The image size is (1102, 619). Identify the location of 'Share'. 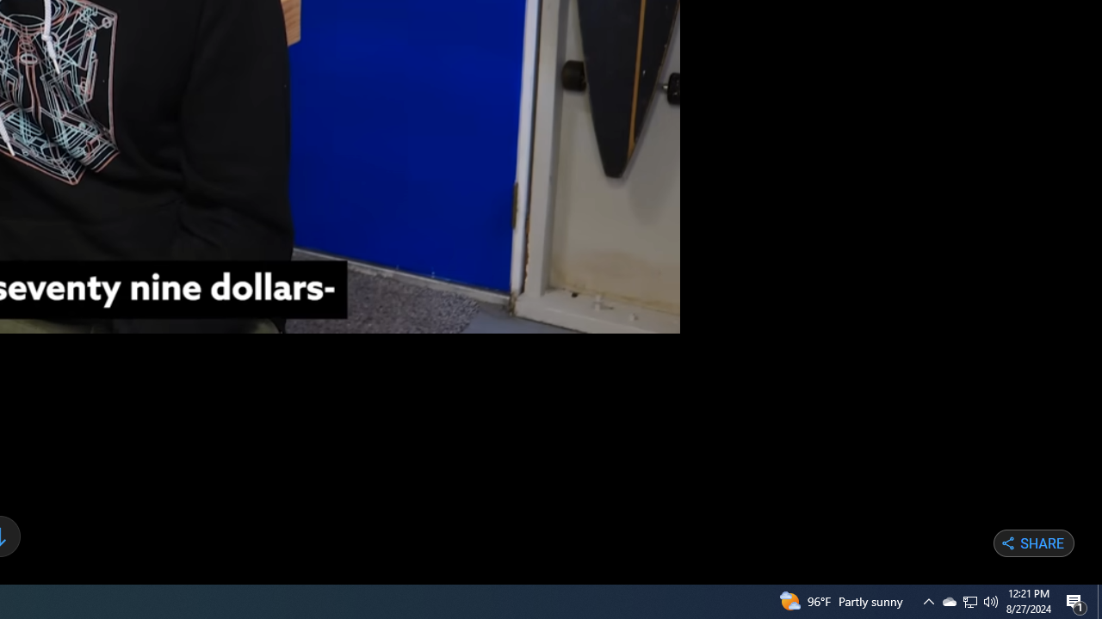
(1033, 543).